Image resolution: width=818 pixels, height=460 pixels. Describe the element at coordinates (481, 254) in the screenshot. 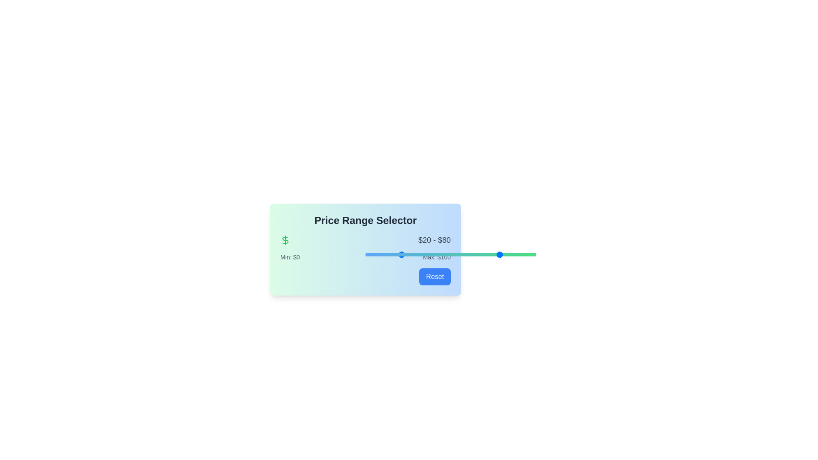

I see `the slider` at that location.